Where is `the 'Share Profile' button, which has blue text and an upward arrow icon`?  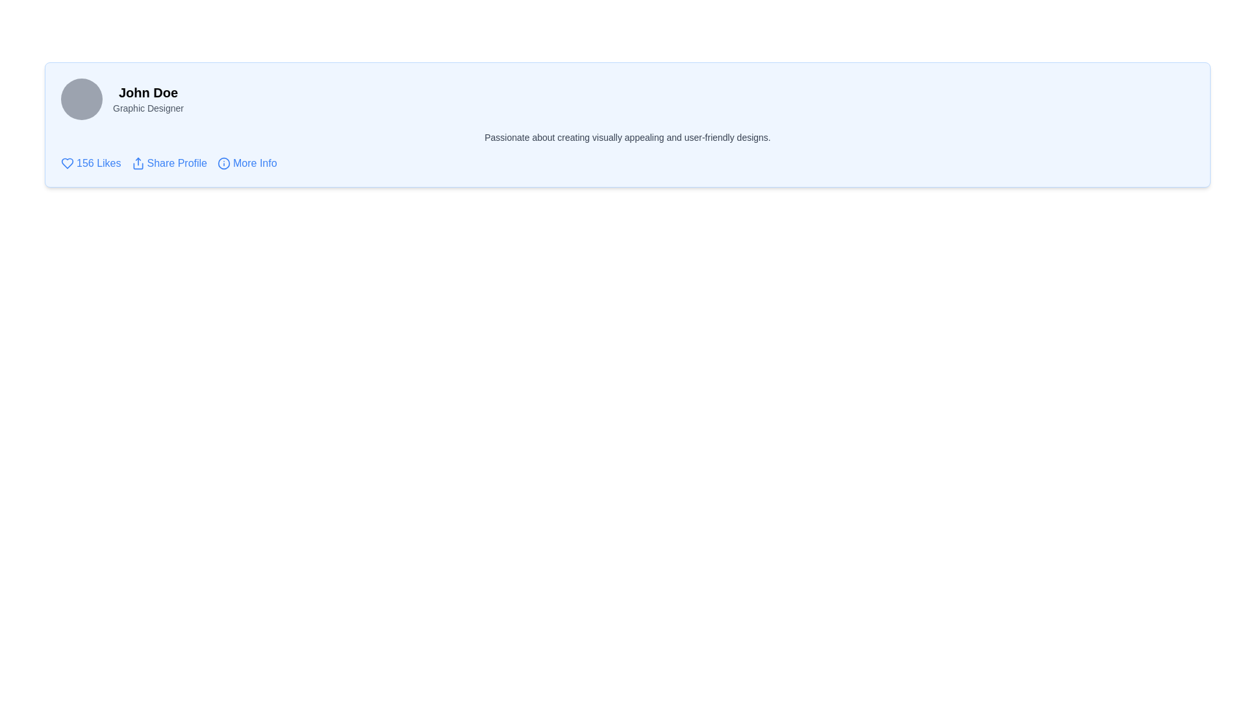 the 'Share Profile' button, which has blue text and an upward arrow icon is located at coordinates (168, 162).